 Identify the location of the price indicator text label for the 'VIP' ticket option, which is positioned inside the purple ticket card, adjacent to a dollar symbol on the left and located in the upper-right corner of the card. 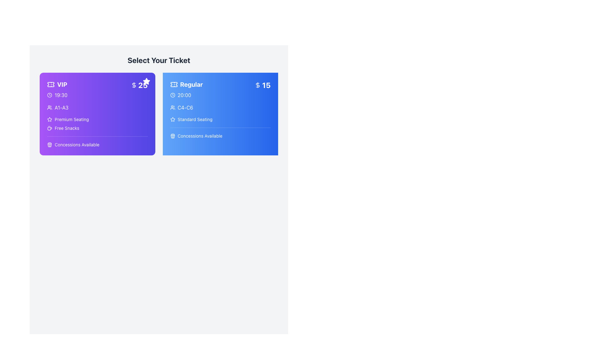
(142, 85).